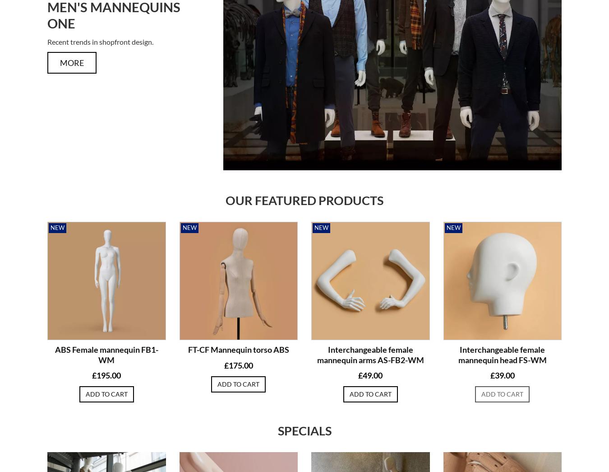  What do you see at coordinates (370, 374) in the screenshot?
I see `'£49.00'` at bounding box center [370, 374].